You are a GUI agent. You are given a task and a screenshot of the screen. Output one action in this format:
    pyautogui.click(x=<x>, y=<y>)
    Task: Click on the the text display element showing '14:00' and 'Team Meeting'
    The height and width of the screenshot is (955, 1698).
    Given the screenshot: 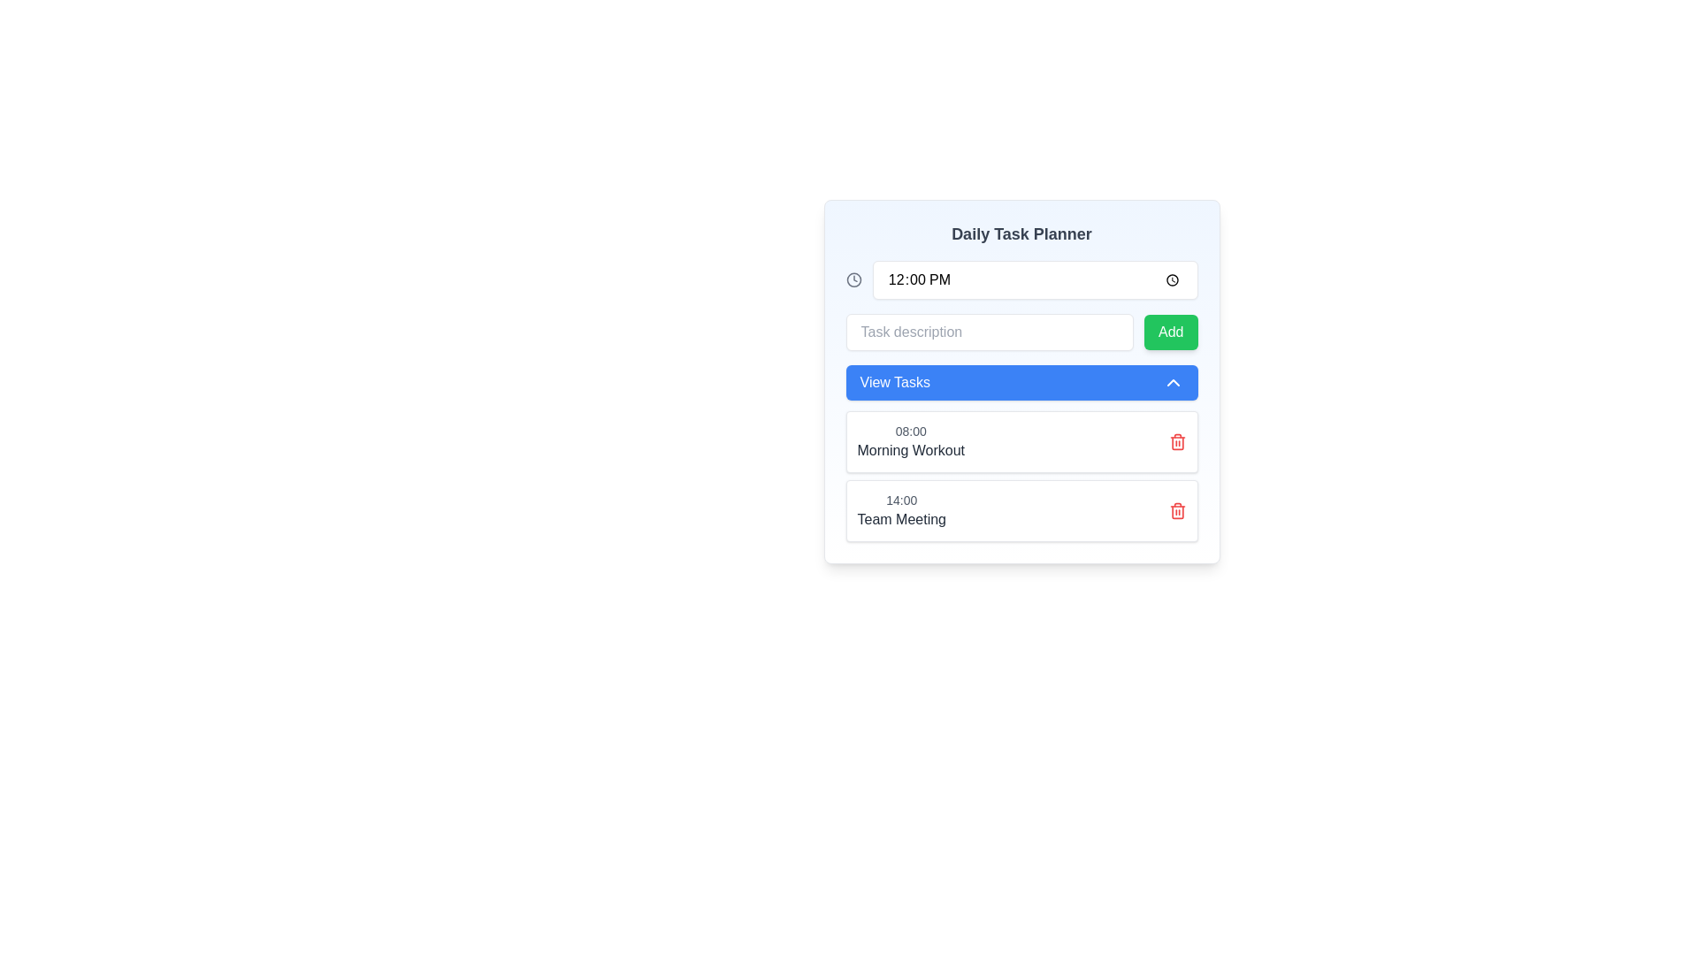 What is the action you would take?
    pyautogui.click(x=901, y=511)
    